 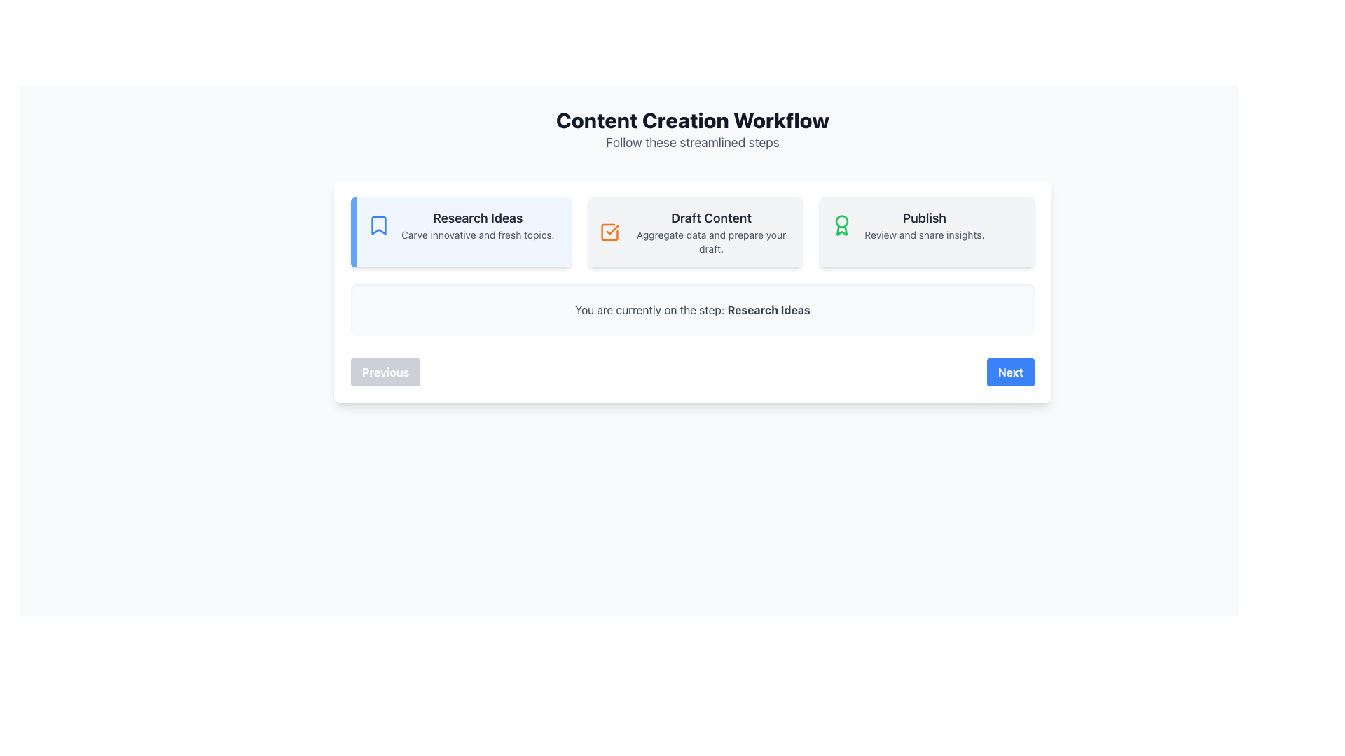 What do you see at coordinates (696, 231) in the screenshot?
I see `the middle card in the workflow` at bounding box center [696, 231].